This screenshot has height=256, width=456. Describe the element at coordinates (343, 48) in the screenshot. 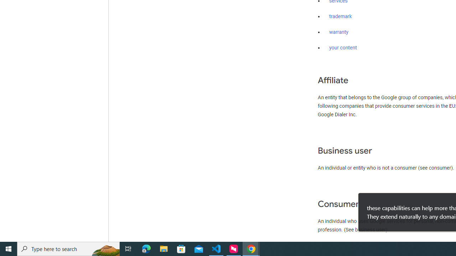

I see `'your content'` at that location.